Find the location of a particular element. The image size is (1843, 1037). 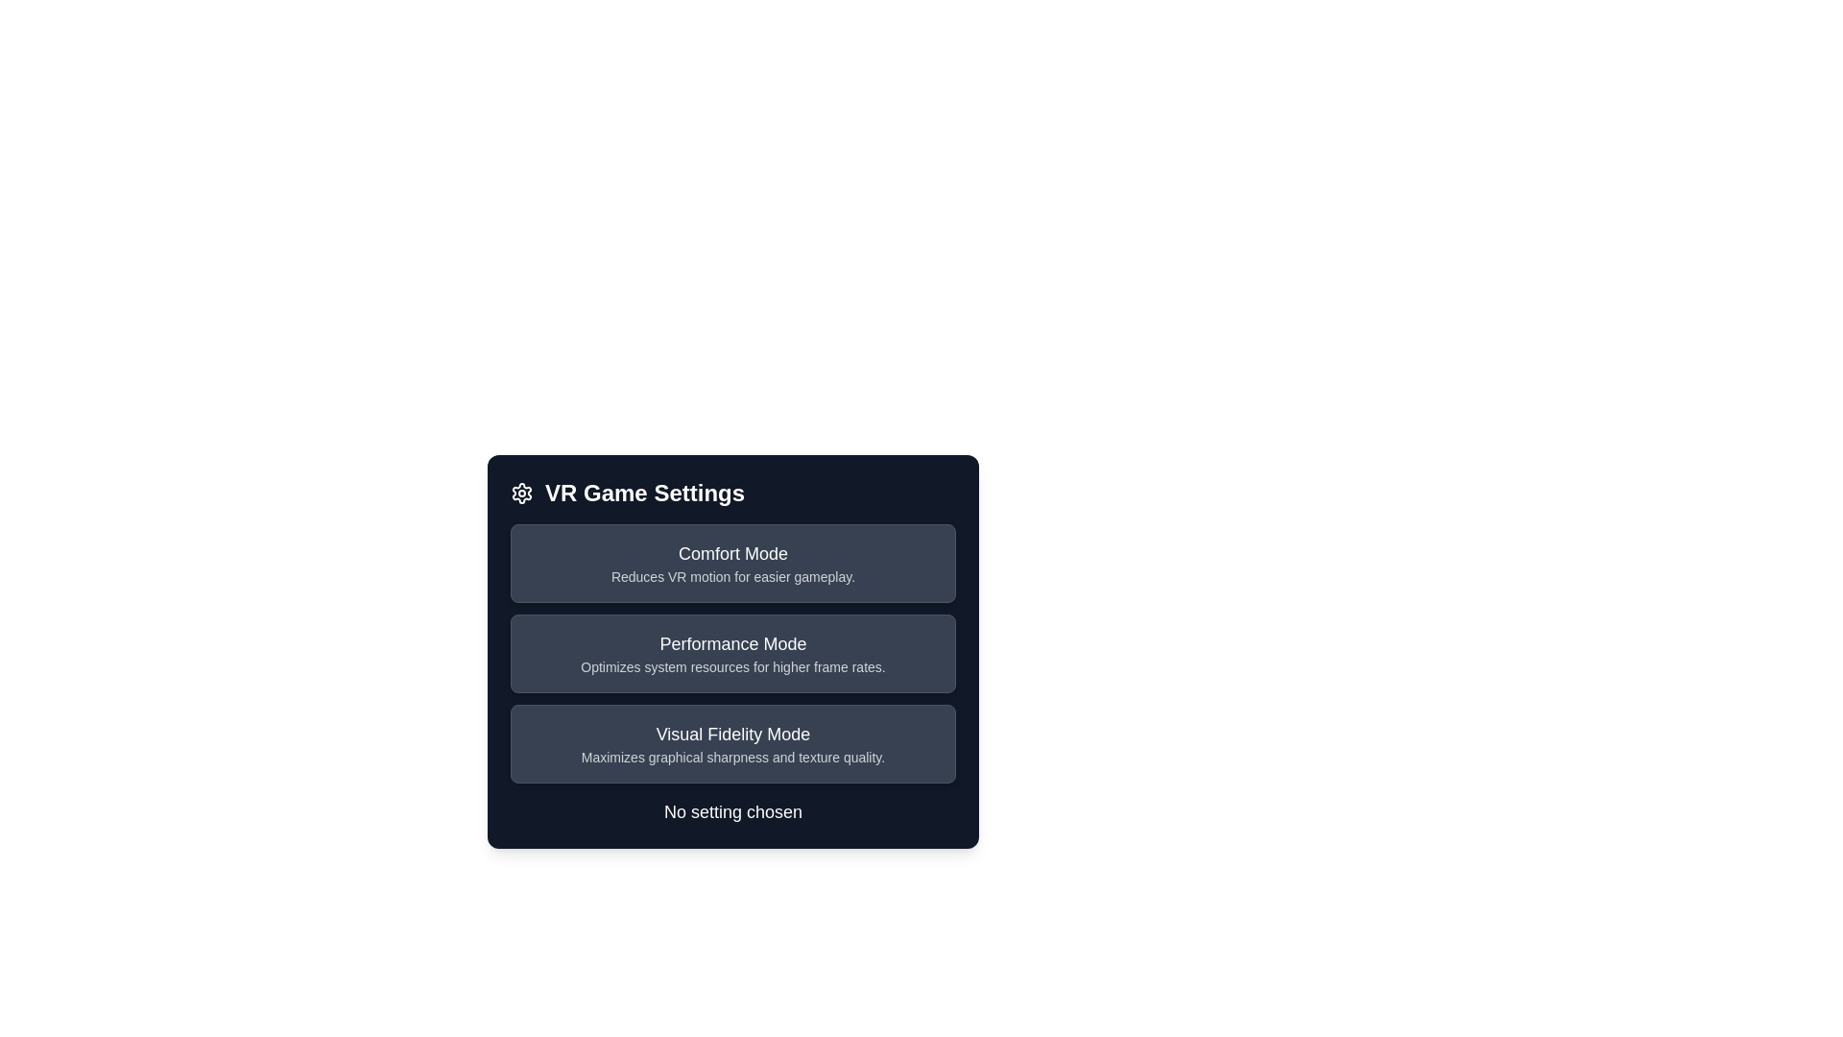

the first button-styled selection option for toggling 'Comfort Mode' setting, which is located below the 'VR Game Settings' heading is located at coordinates (731, 562).